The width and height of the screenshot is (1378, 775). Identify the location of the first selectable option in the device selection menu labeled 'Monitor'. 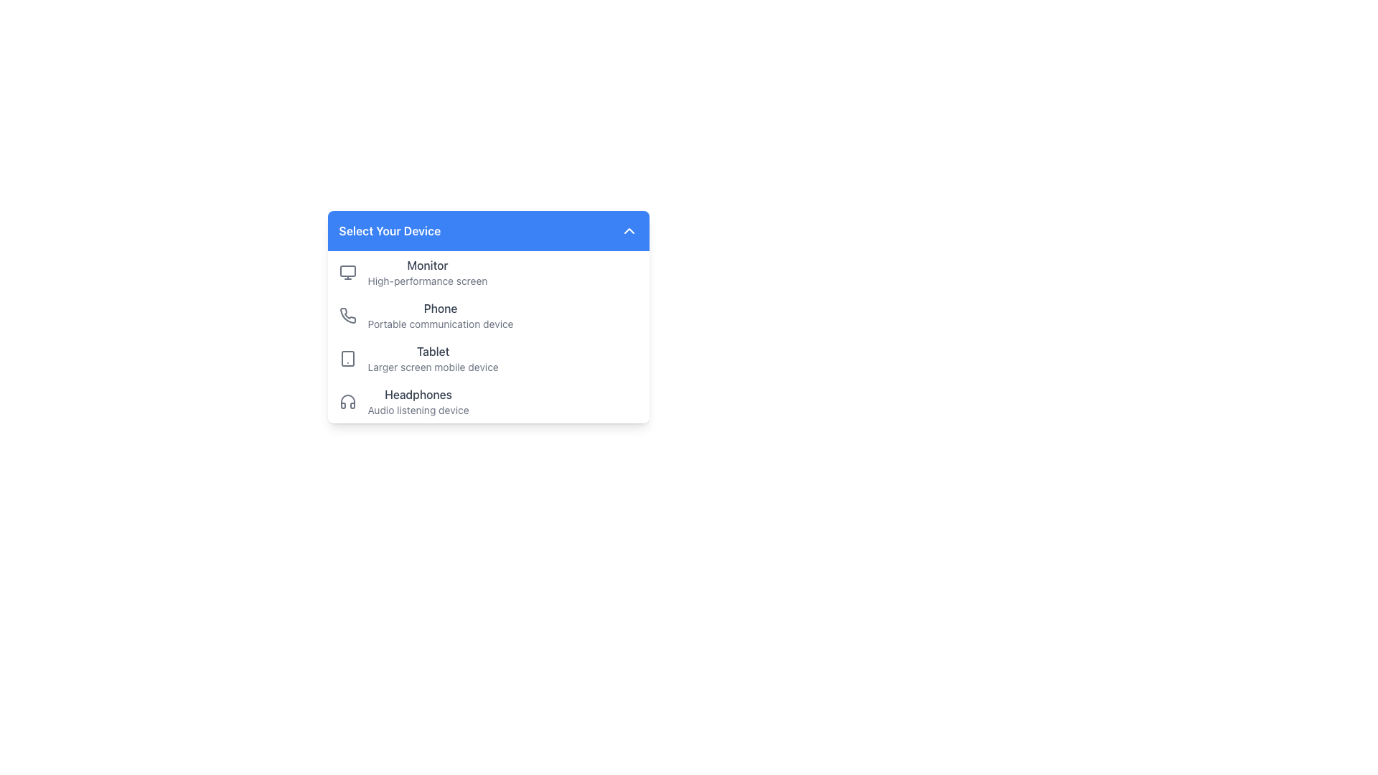
(488, 273).